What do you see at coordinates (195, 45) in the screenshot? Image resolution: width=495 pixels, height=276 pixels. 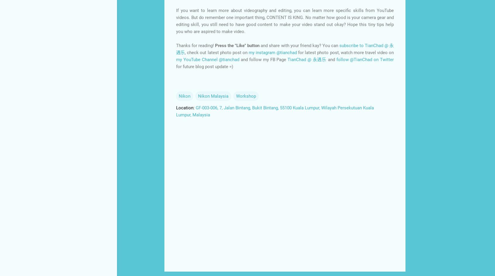 I see `'Thanks for reading!'` at bounding box center [195, 45].